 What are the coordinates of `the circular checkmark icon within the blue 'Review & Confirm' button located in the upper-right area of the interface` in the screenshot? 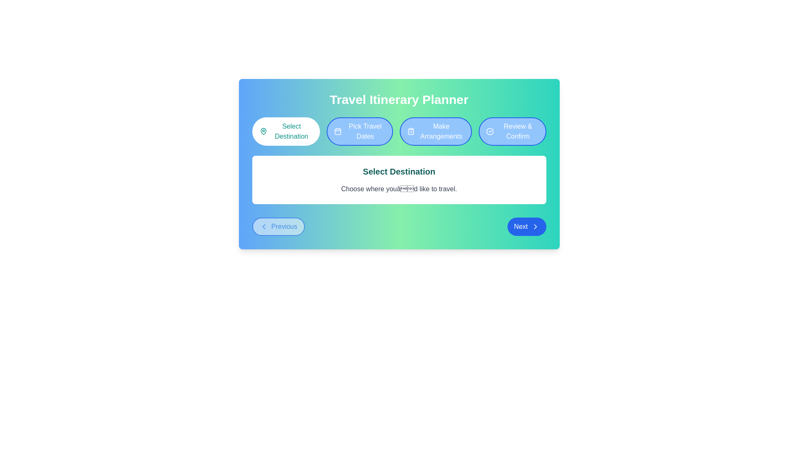 It's located at (490, 132).